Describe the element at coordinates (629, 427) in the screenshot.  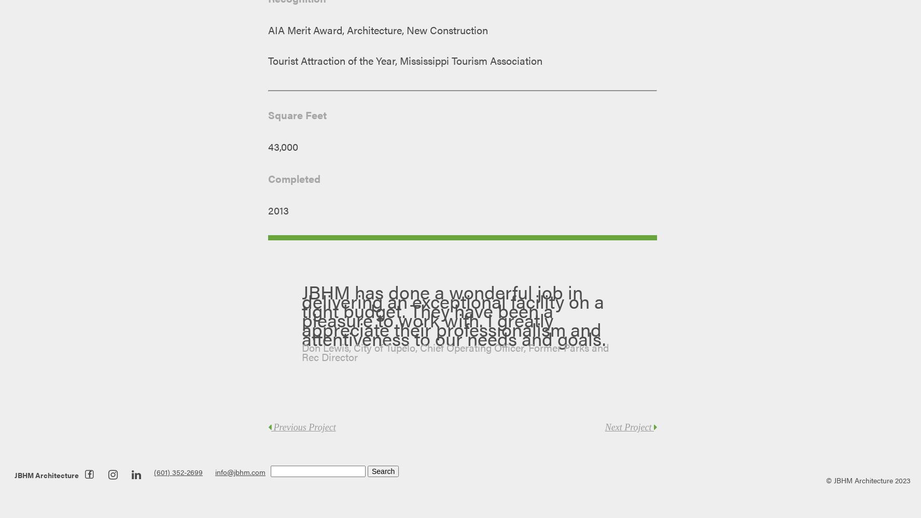
I see `'Next Project'` at that location.